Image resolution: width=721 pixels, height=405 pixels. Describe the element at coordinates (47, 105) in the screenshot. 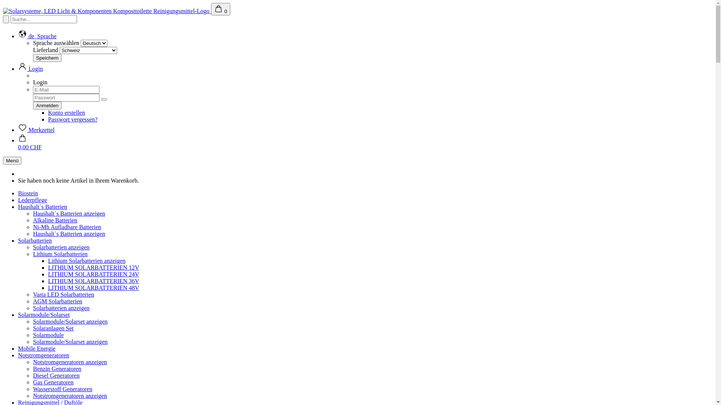

I see `'Anmelden'` at that location.